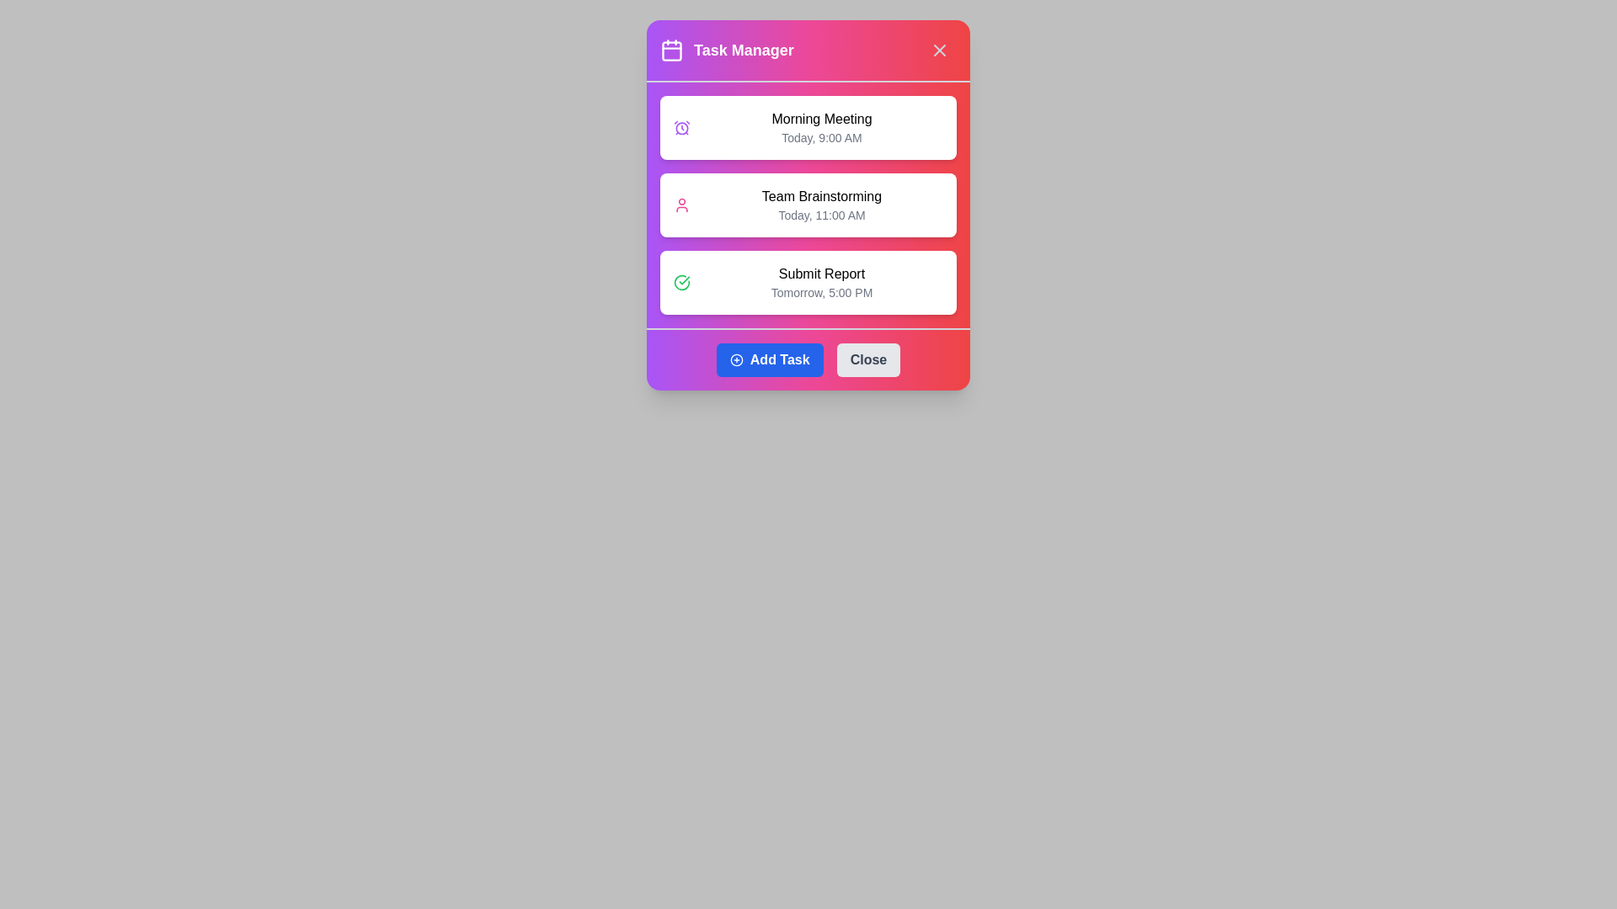  Describe the element at coordinates (768, 359) in the screenshot. I see `the 'Add Task' button located in the bottom row of the pop-up modal, immediately to the left of the 'Close' button` at that location.